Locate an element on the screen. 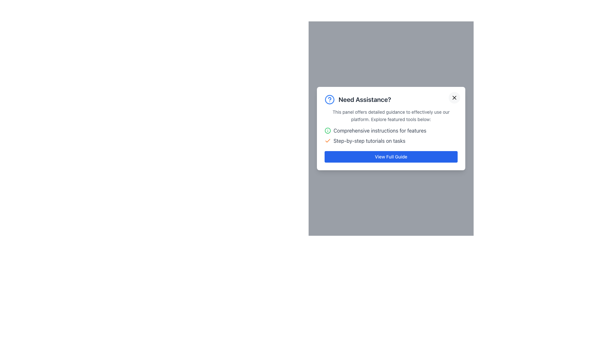  the informational icon associated with the list item labeled 'Comprehensive instructions for features.' is located at coordinates (327, 130).